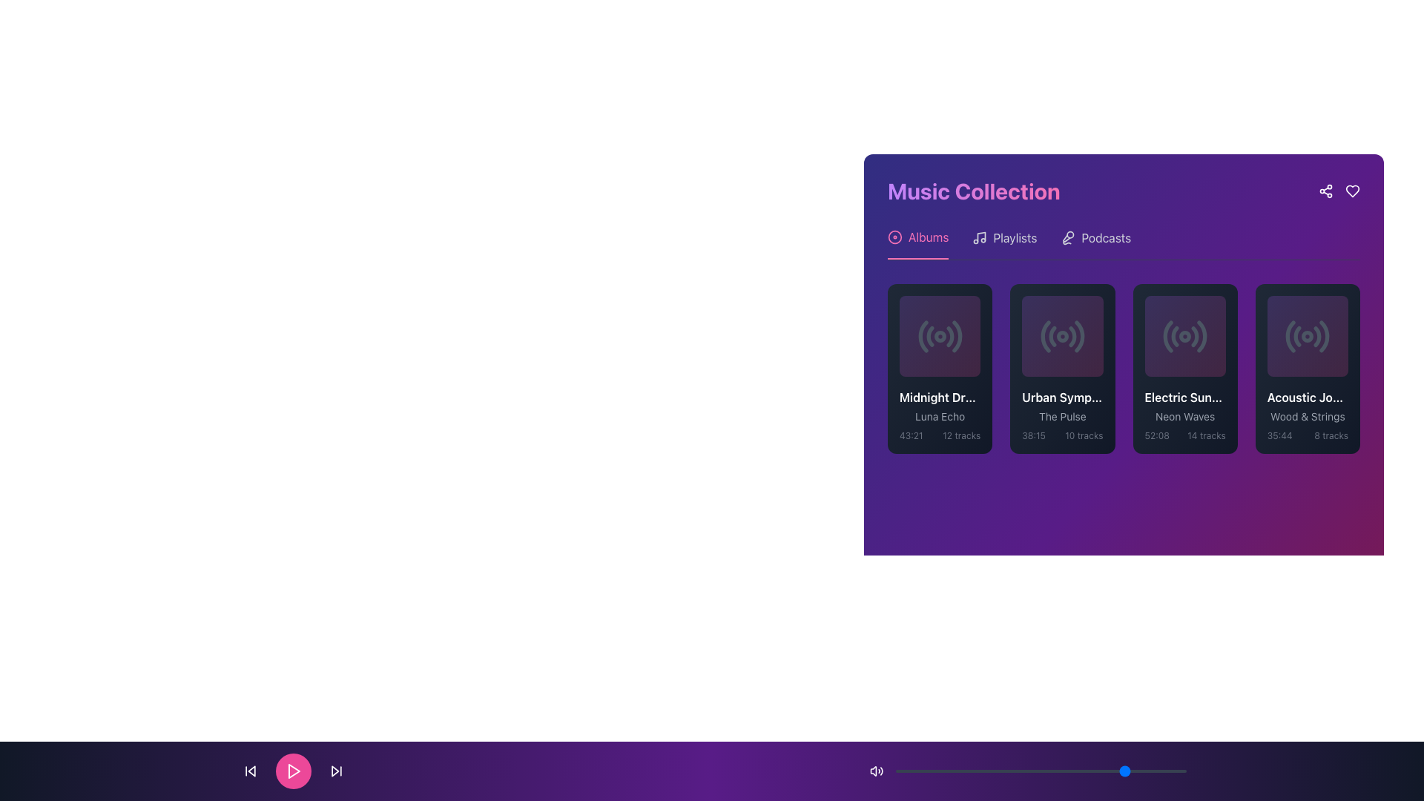  I want to click on the slider value, so click(965, 771).